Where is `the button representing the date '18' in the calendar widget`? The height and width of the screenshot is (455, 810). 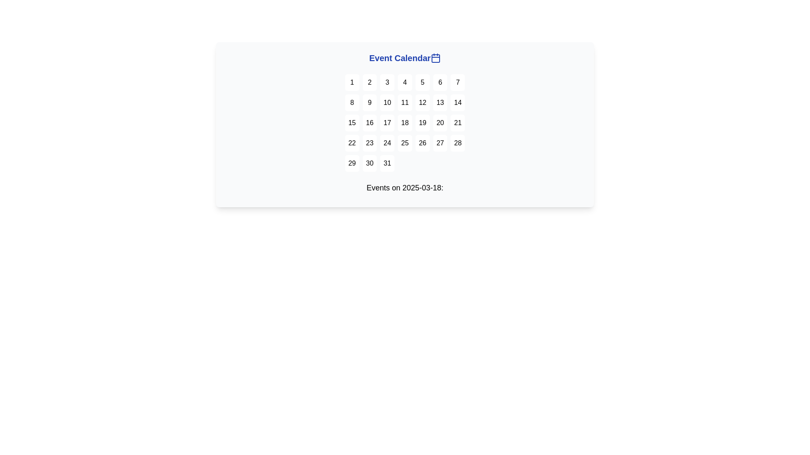 the button representing the date '18' in the calendar widget is located at coordinates (405, 123).